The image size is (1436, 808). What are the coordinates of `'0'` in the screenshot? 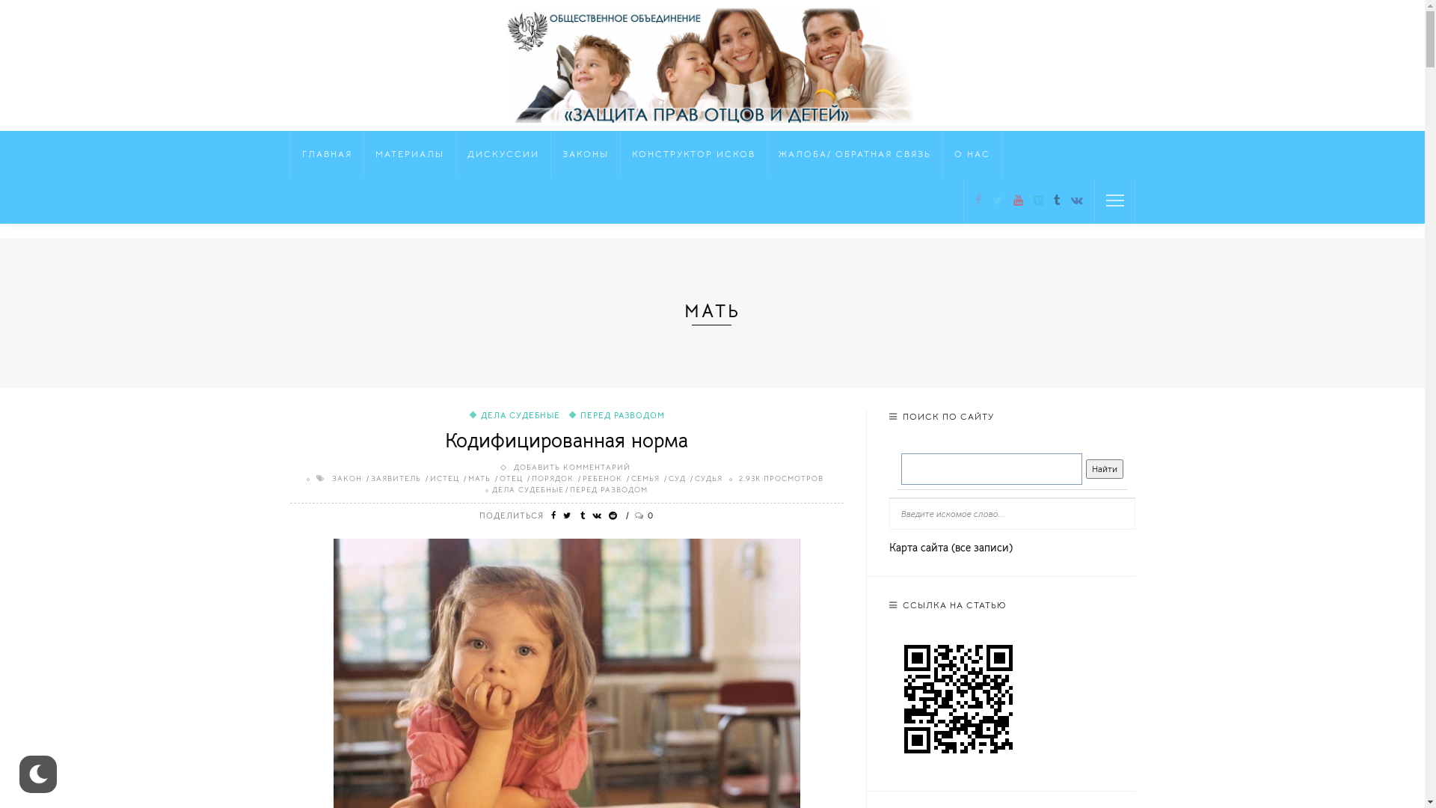 It's located at (639, 515).